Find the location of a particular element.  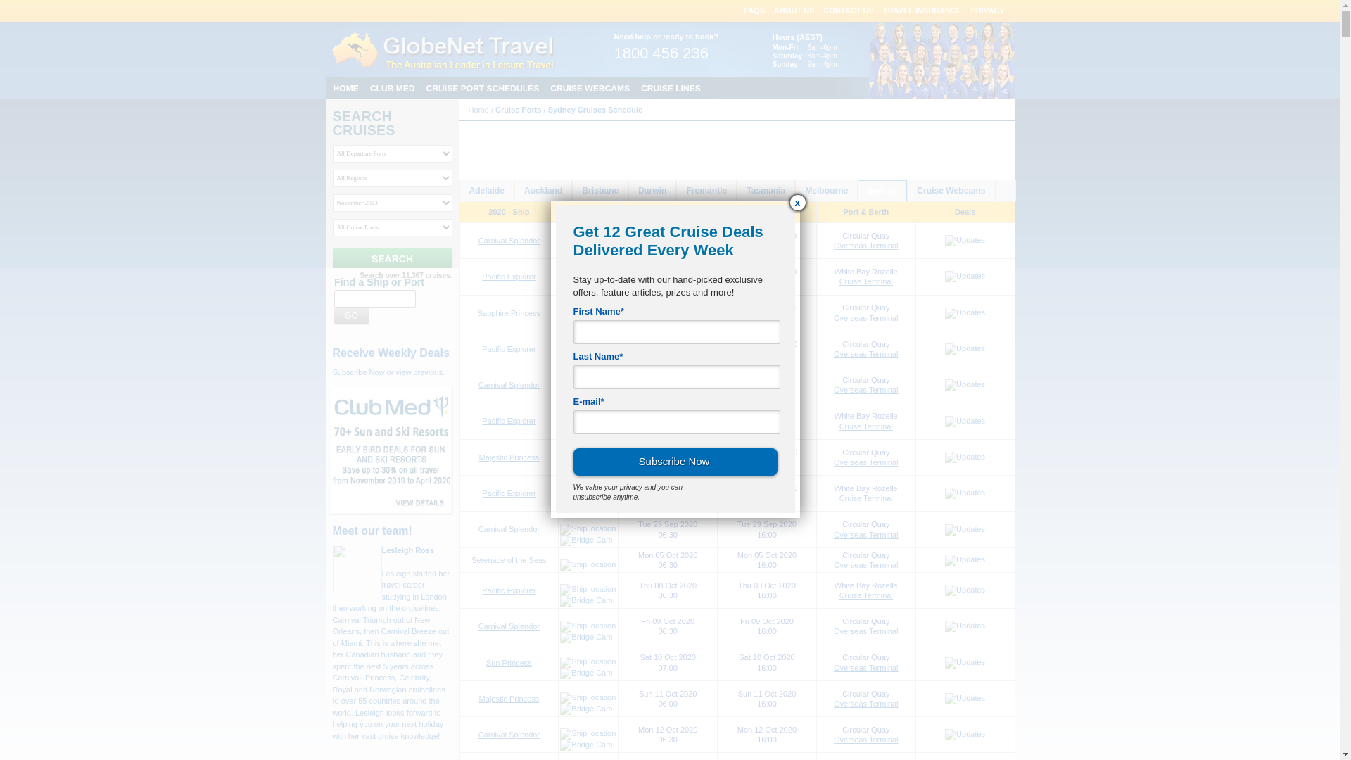

'Bridge Cam' is located at coordinates (559, 251).